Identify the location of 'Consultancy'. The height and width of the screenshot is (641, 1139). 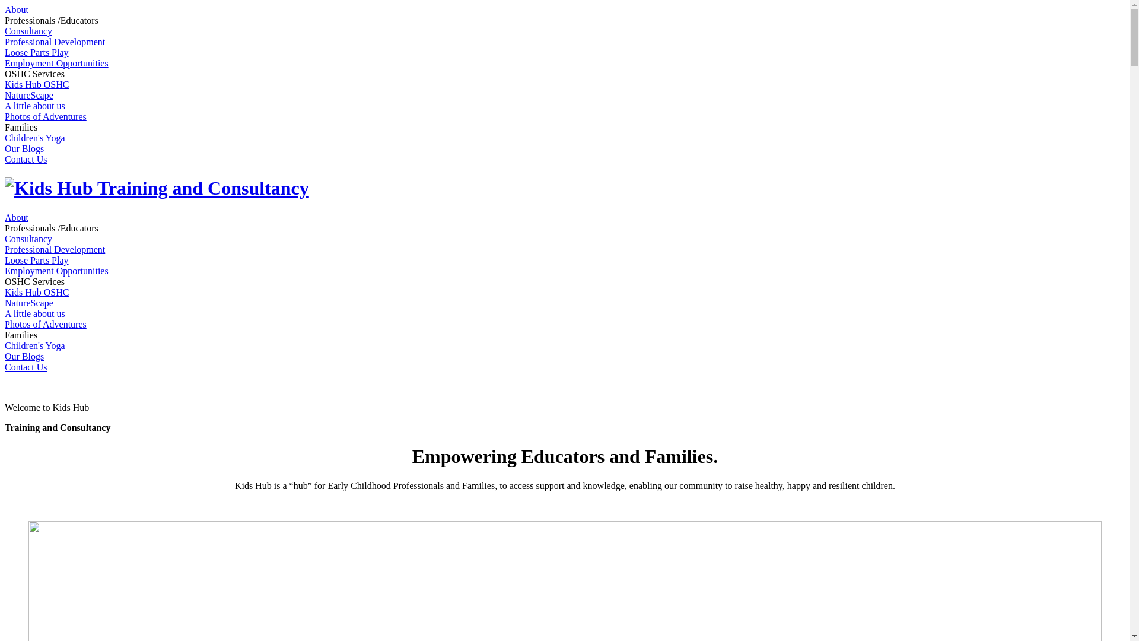
(28, 30).